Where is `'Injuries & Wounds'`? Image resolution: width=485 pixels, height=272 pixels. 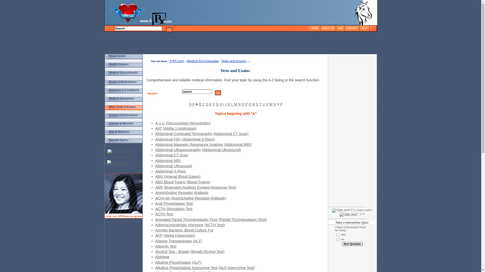 'Injuries & Wounds' is located at coordinates (121, 123).